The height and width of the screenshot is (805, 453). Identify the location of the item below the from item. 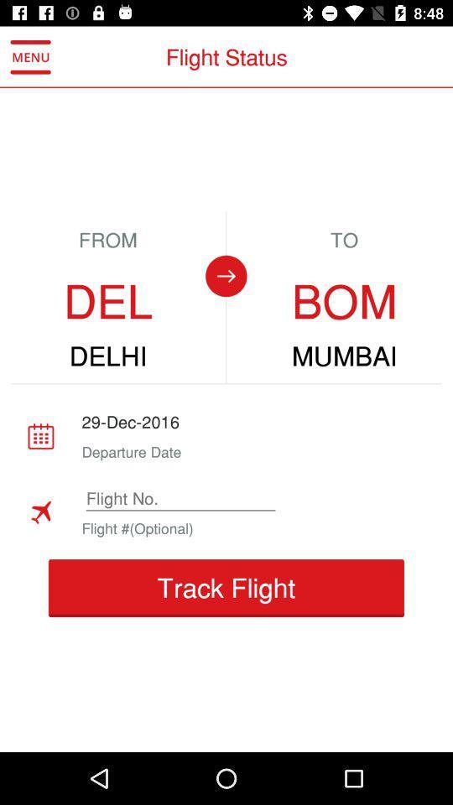
(108, 302).